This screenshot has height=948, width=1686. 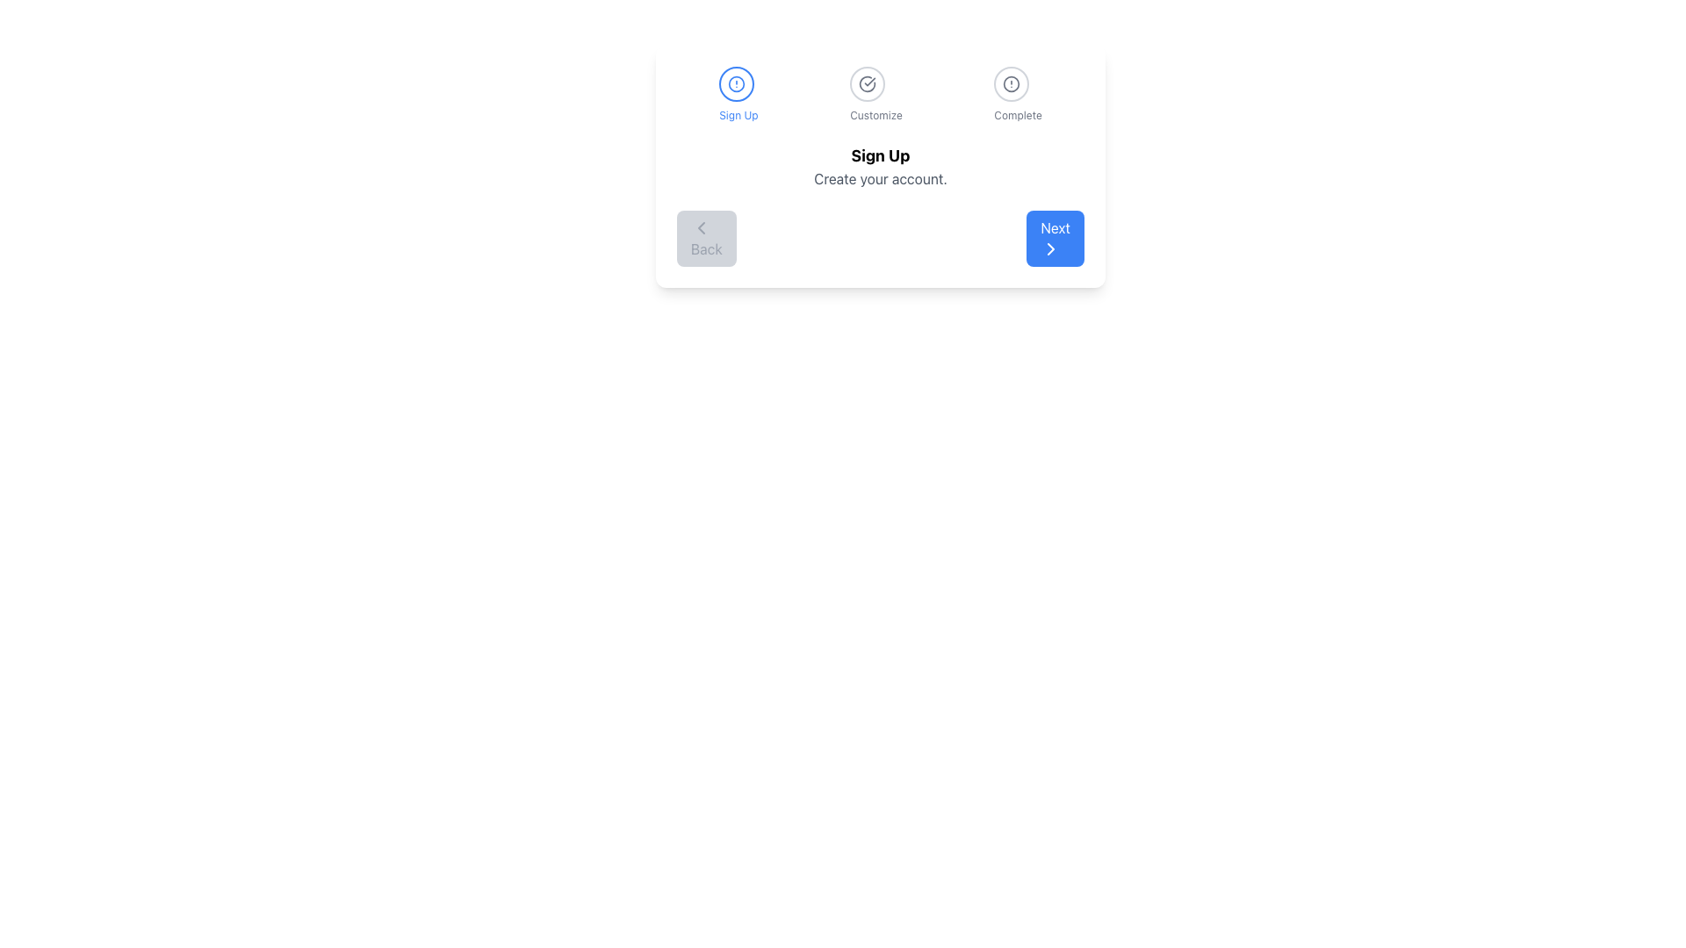 I want to click on the 'Sign Up' SVG icon, which is located in the top-left circular button among three horizontal buttons, indicating the current step in a multi-step process, so click(x=737, y=84).